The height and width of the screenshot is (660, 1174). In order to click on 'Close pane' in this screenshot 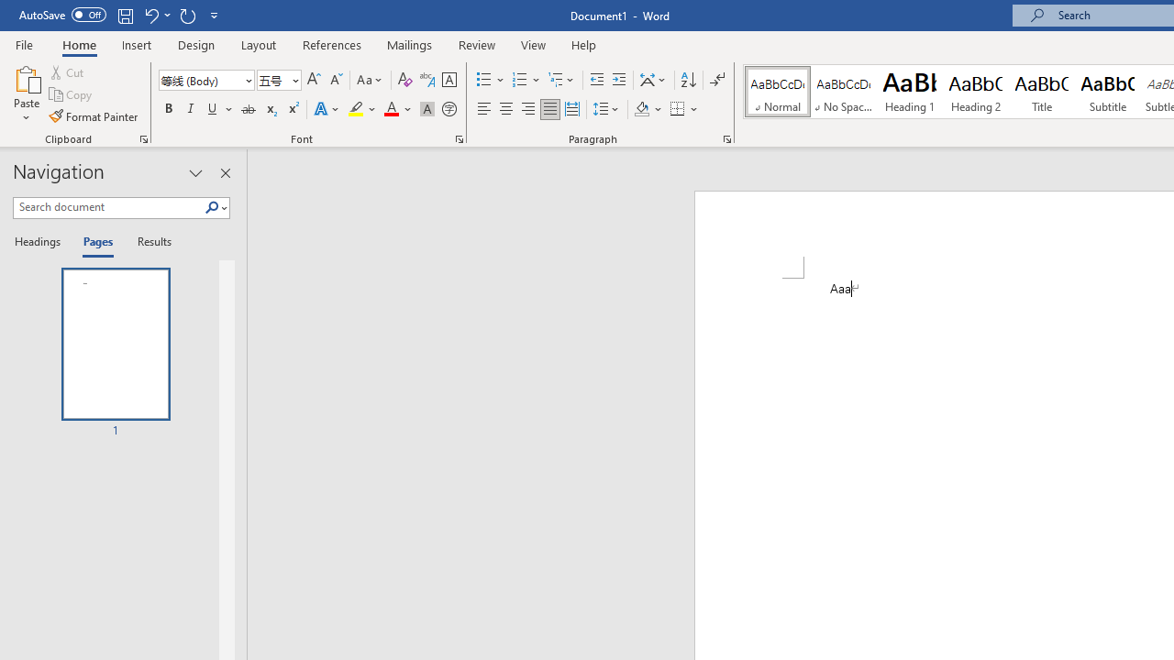, I will do `click(225, 173)`.